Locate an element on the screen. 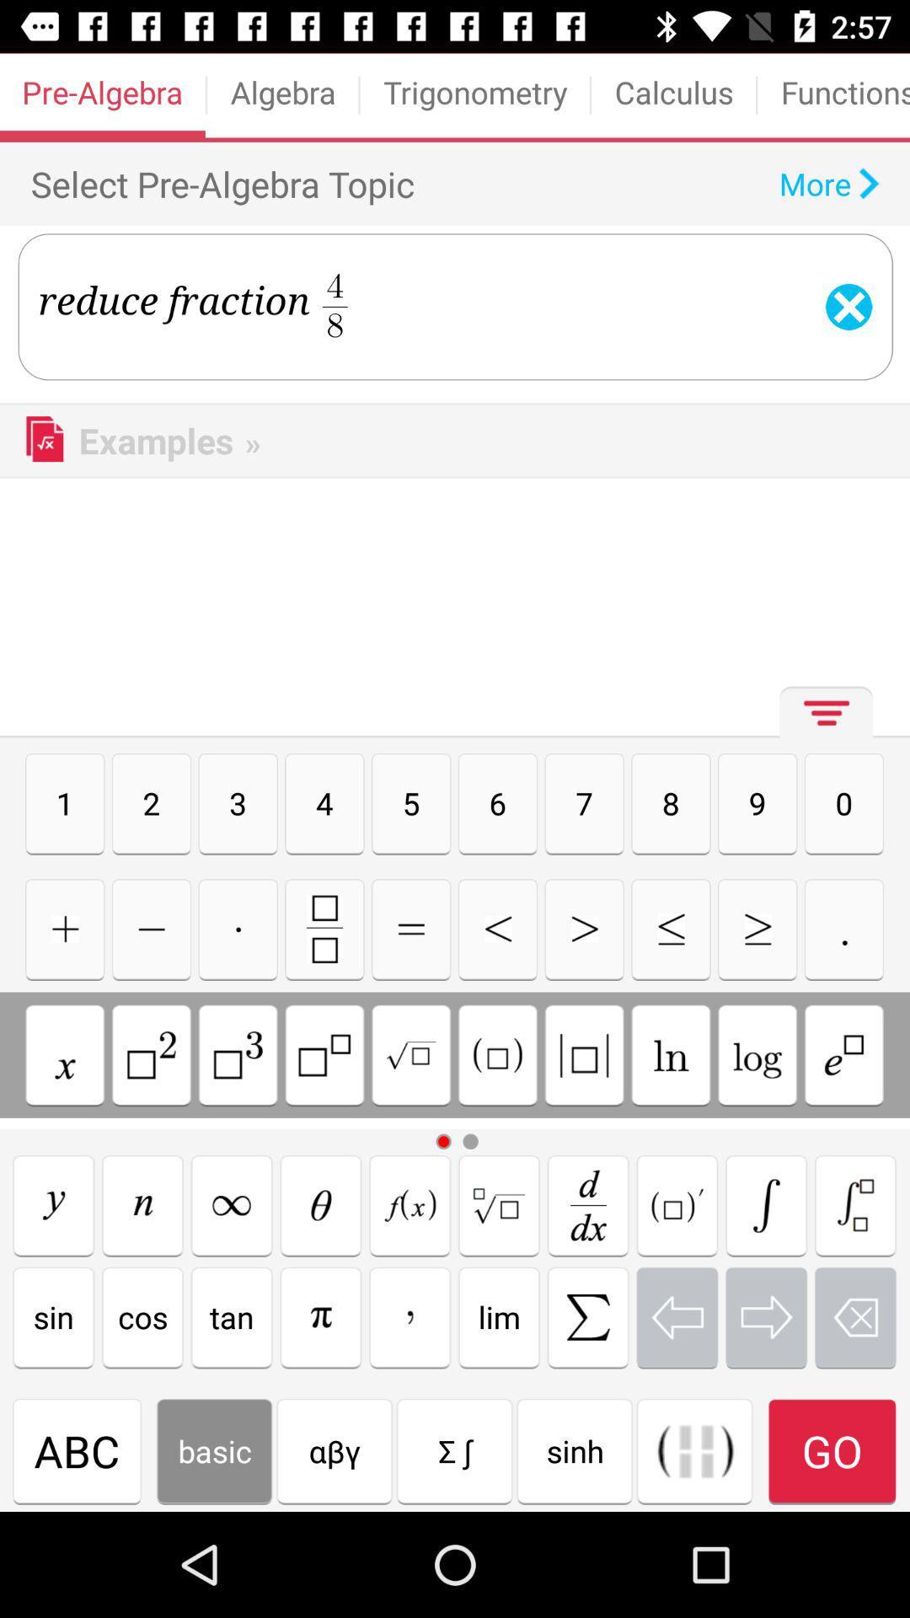  the menu icon is located at coordinates (411, 928).